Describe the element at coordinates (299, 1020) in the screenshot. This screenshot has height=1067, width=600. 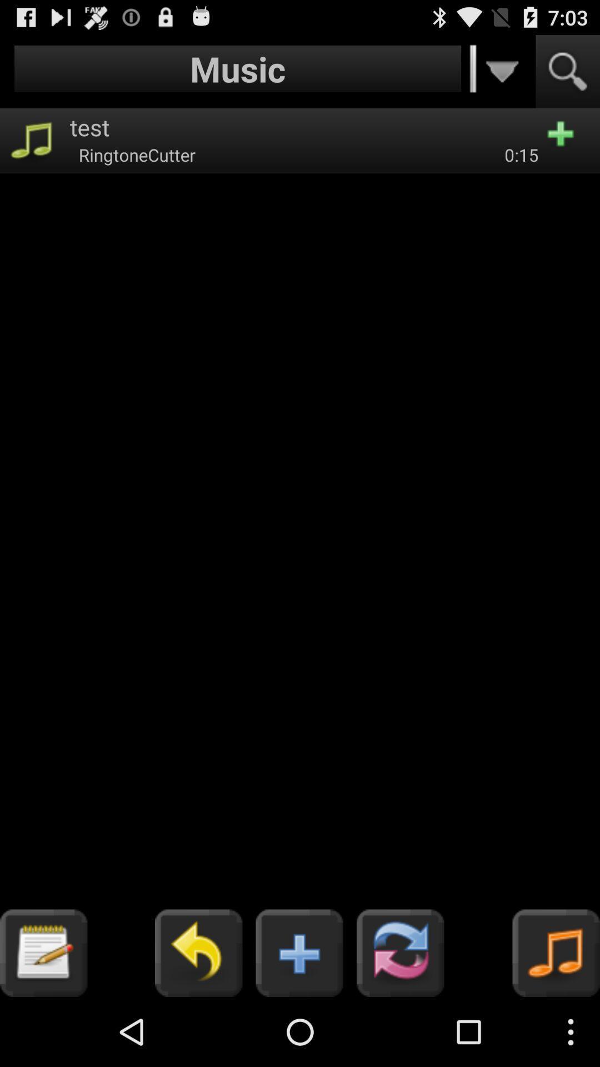
I see `the add icon` at that location.